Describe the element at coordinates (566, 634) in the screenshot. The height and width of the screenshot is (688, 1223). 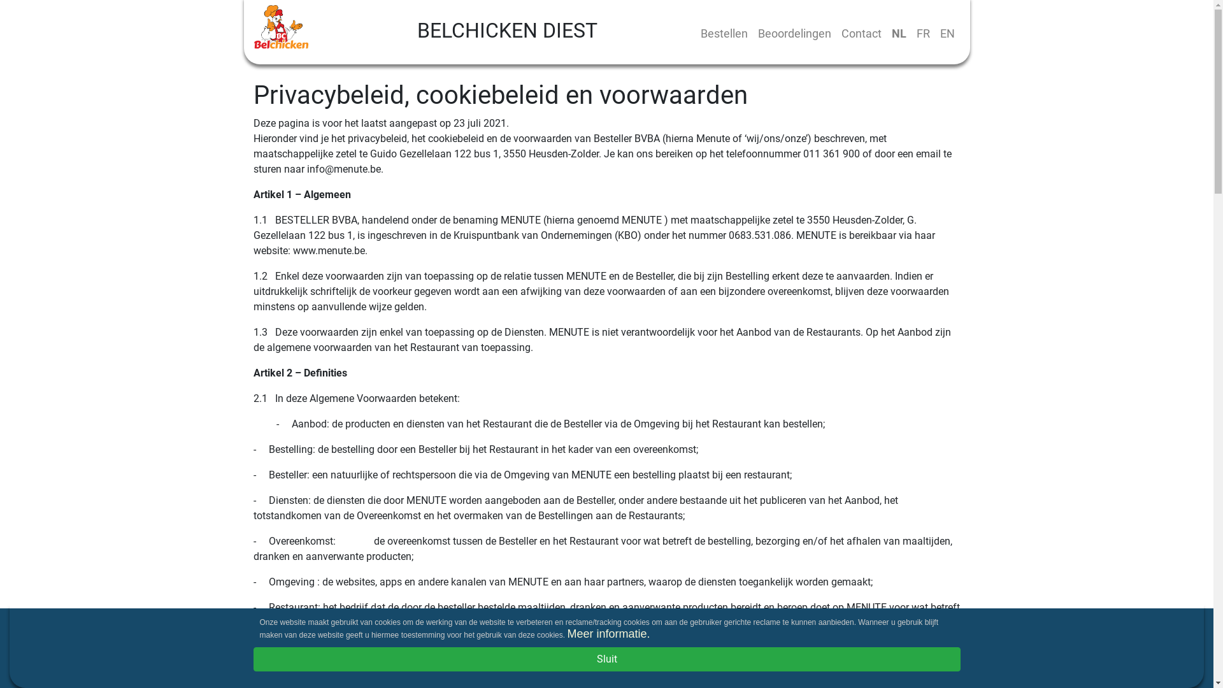
I see `'Meer informatie.'` at that location.